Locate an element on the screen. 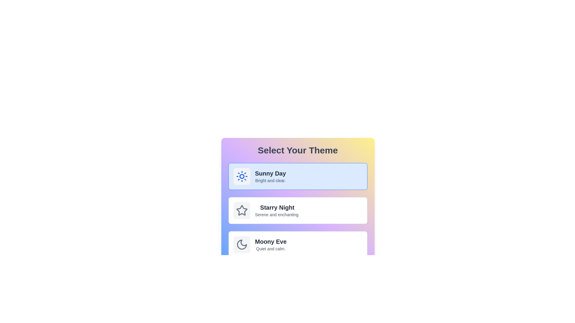  the icon representing the theme 'Starry Night' located within the second selectable card under the header 'Select Your Theme.' is located at coordinates (242, 210).